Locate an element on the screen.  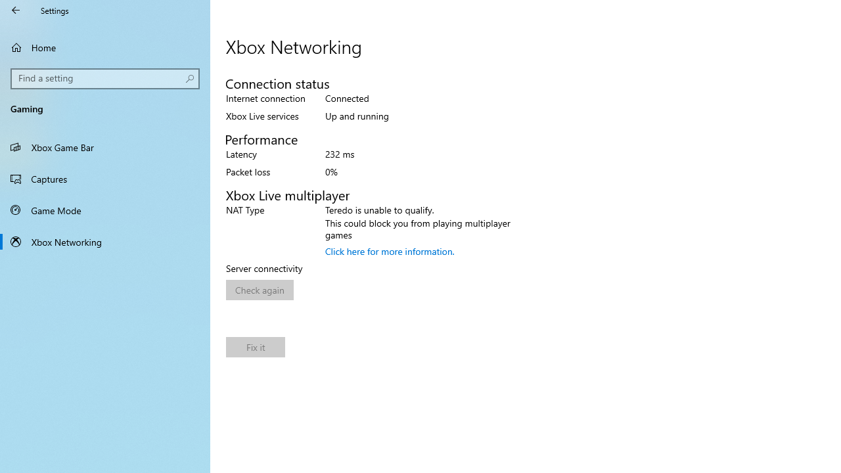
'Home' is located at coordinates (105, 47).